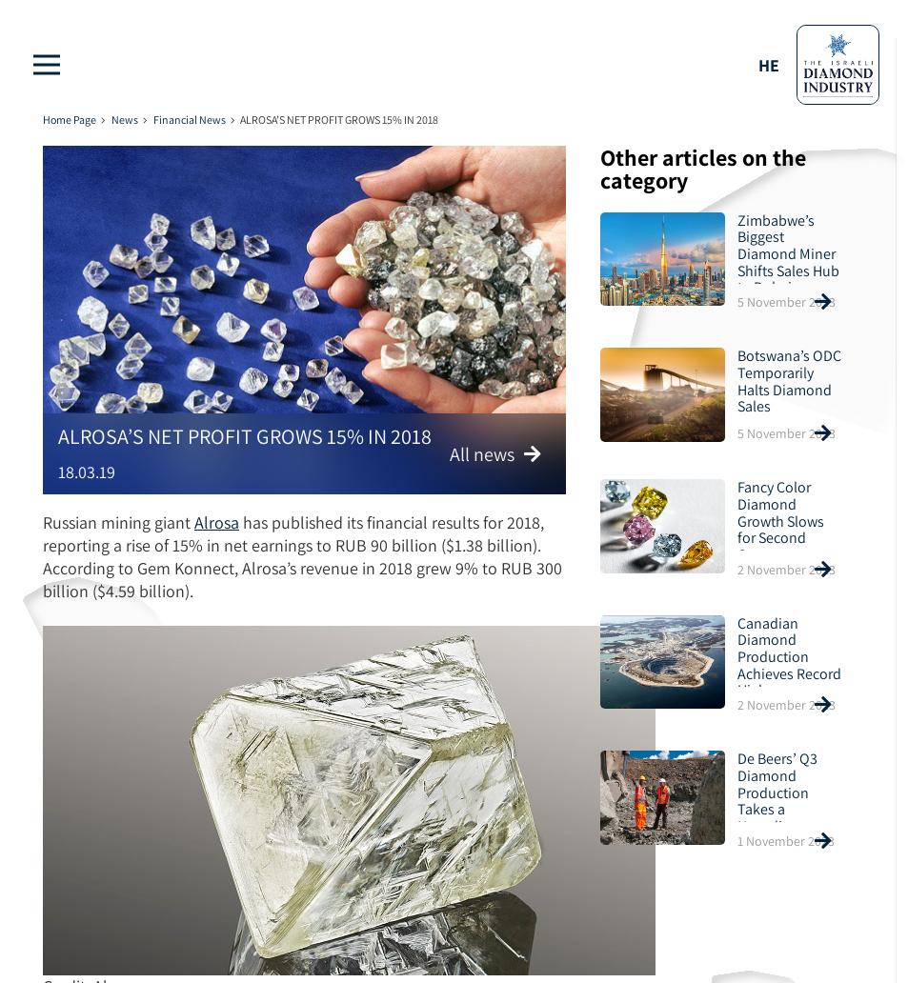 This screenshot has height=983, width=908. Describe the element at coordinates (447, 451) in the screenshot. I see `'All news'` at that location.